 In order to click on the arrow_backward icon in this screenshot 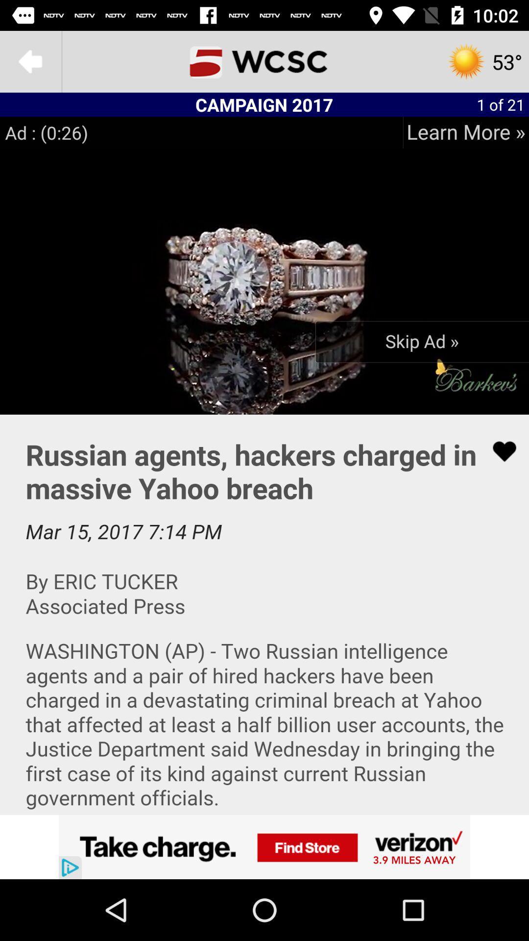, I will do `click(30, 61)`.